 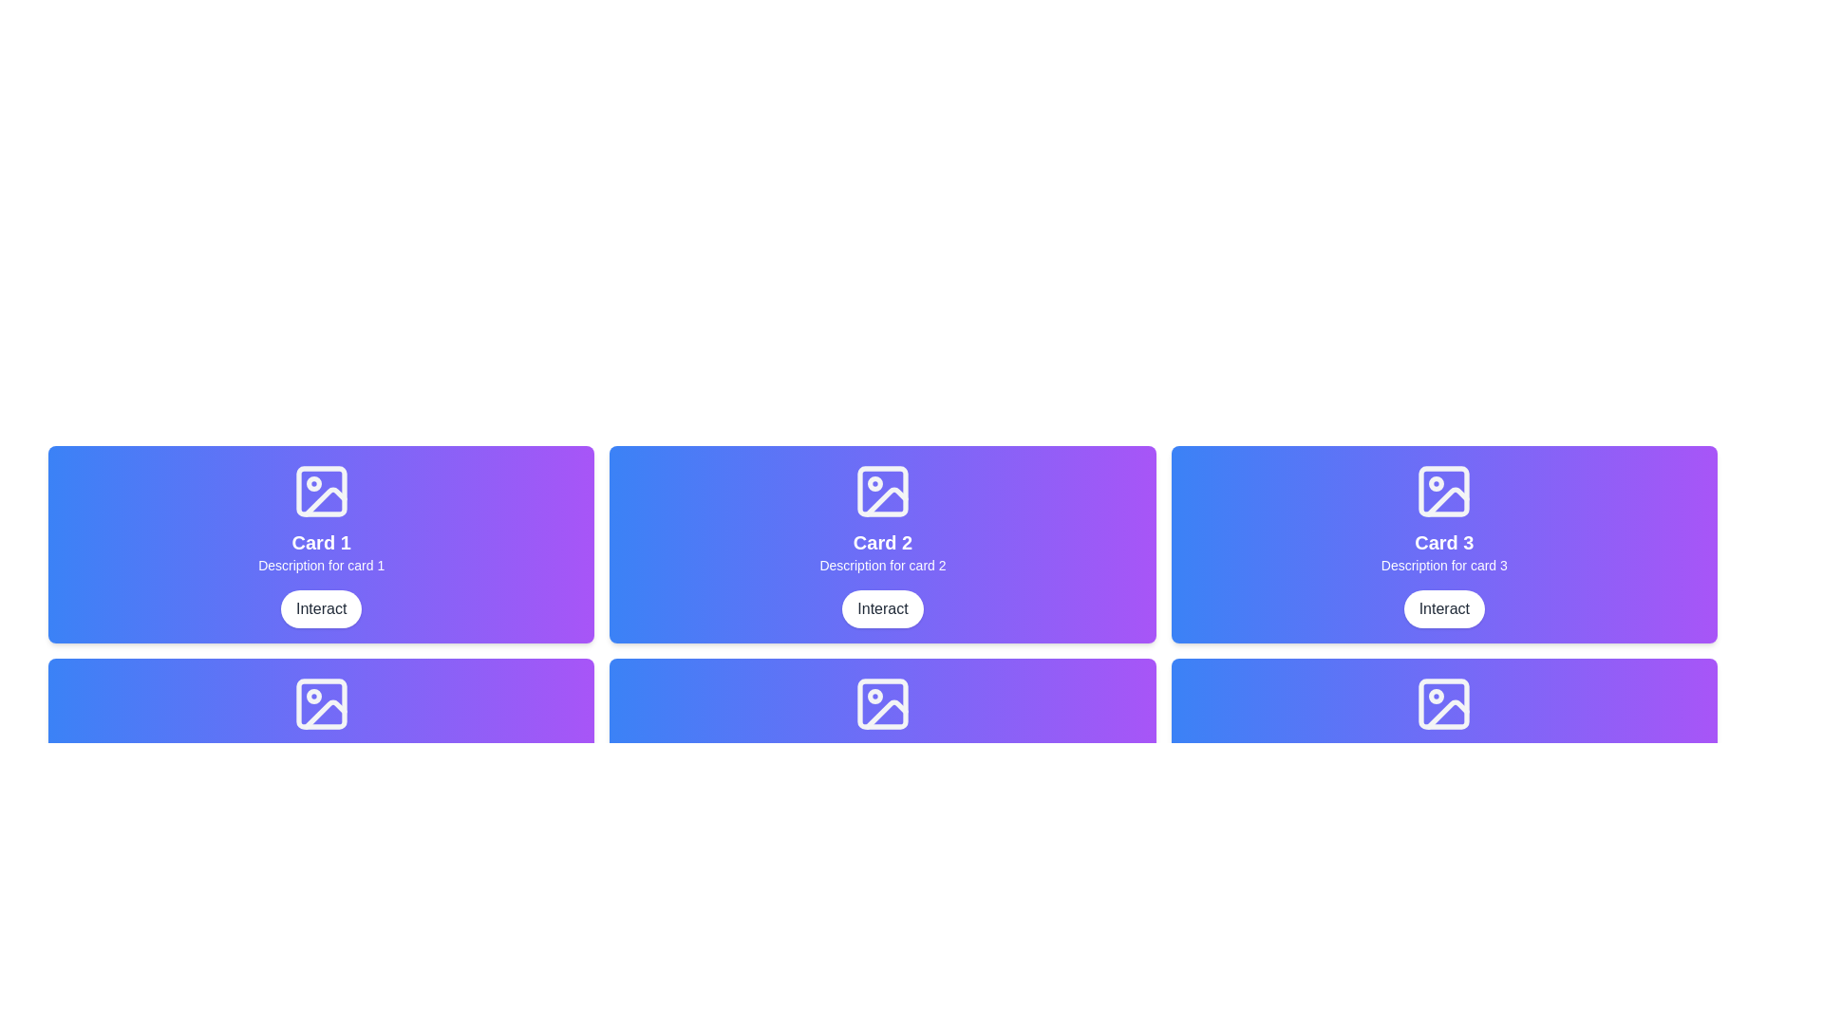 What do you see at coordinates (321, 542) in the screenshot?
I see `the text label displaying 'Card 1', which is styled in bold and large font, located at the top-center of the first card in a set of horizontally arranged cards` at bounding box center [321, 542].